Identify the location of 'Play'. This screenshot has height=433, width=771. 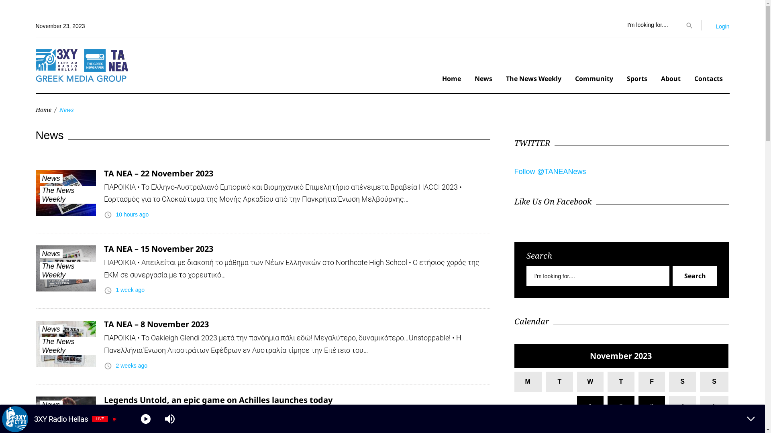
(146, 419).